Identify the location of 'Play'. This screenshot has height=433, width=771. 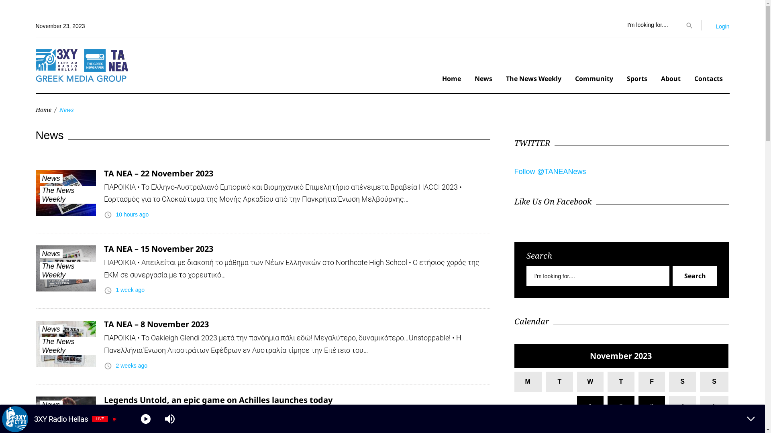
(146, 419).